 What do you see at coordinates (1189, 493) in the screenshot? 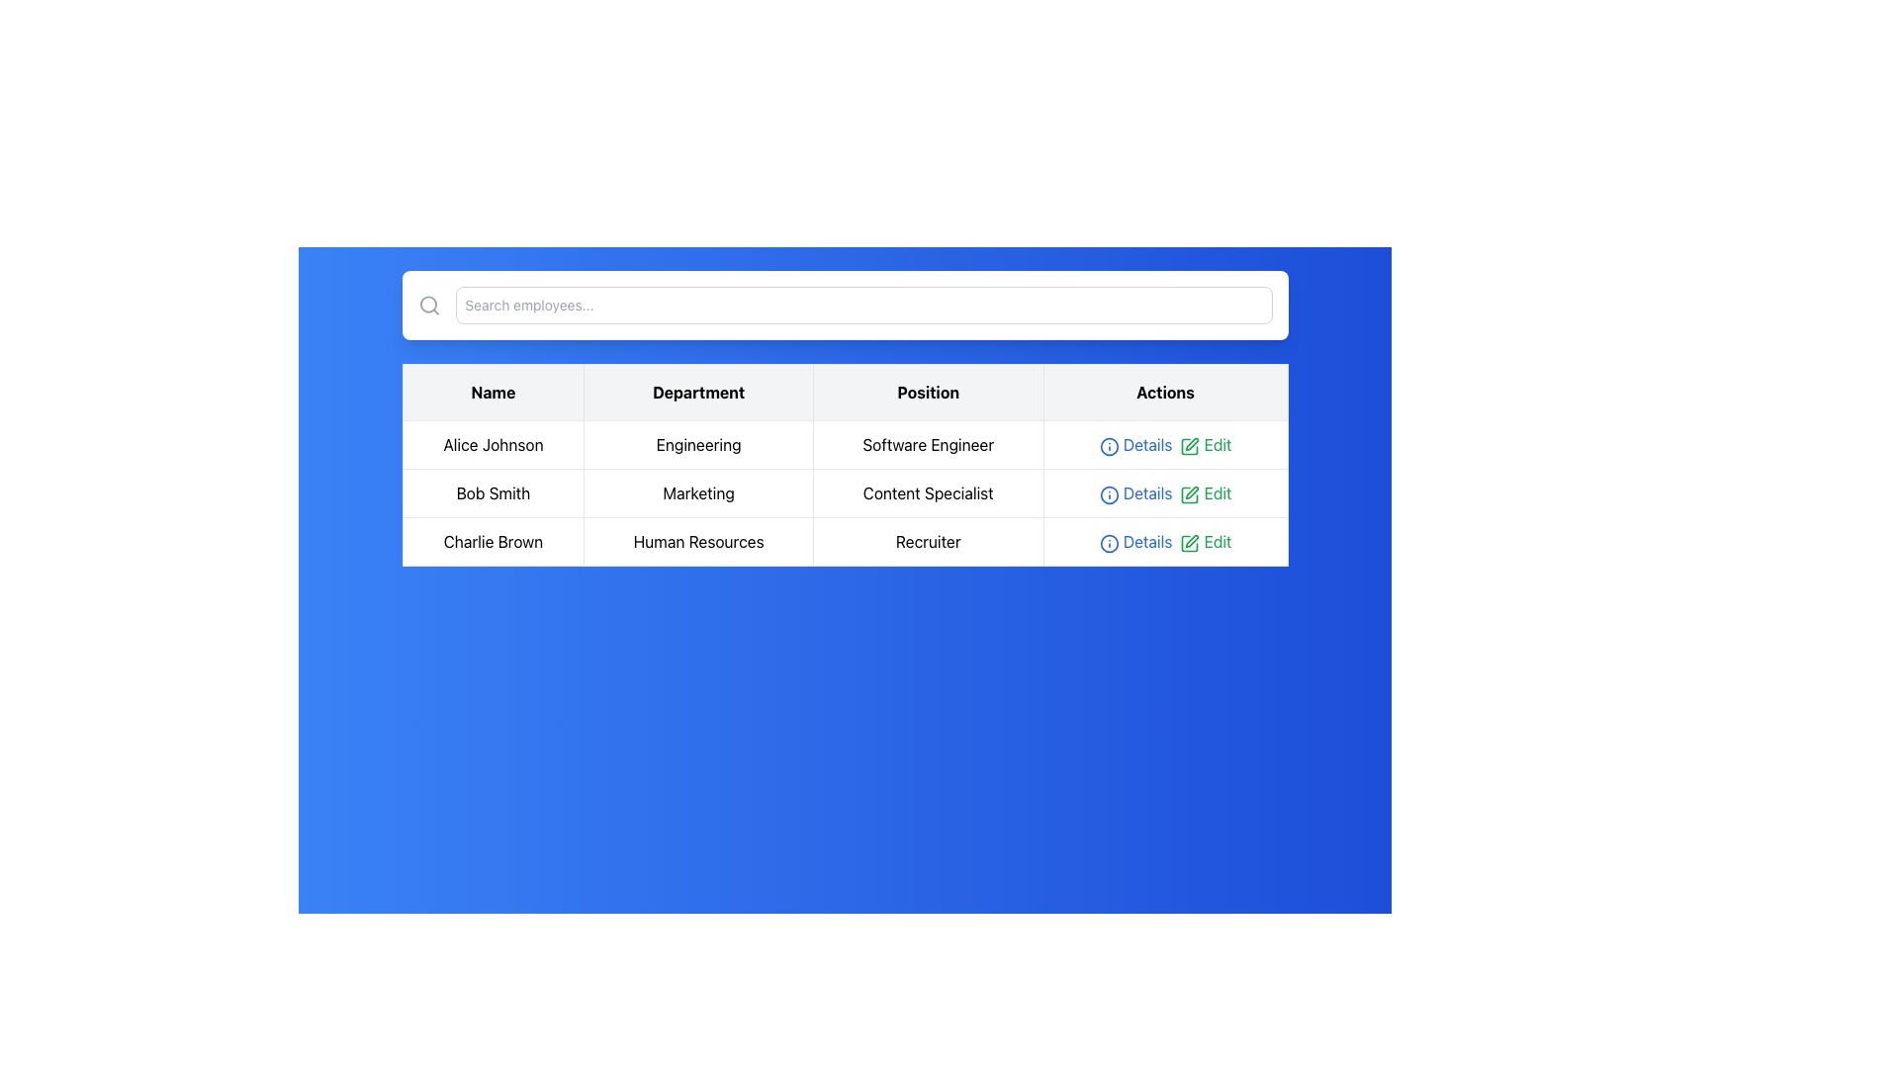
I see `the edit icon button in the 'Actions' column of the table for the row associated with 'Bob Smith', labeled 'Content Specialist'` at bounding box center [1189, 493].